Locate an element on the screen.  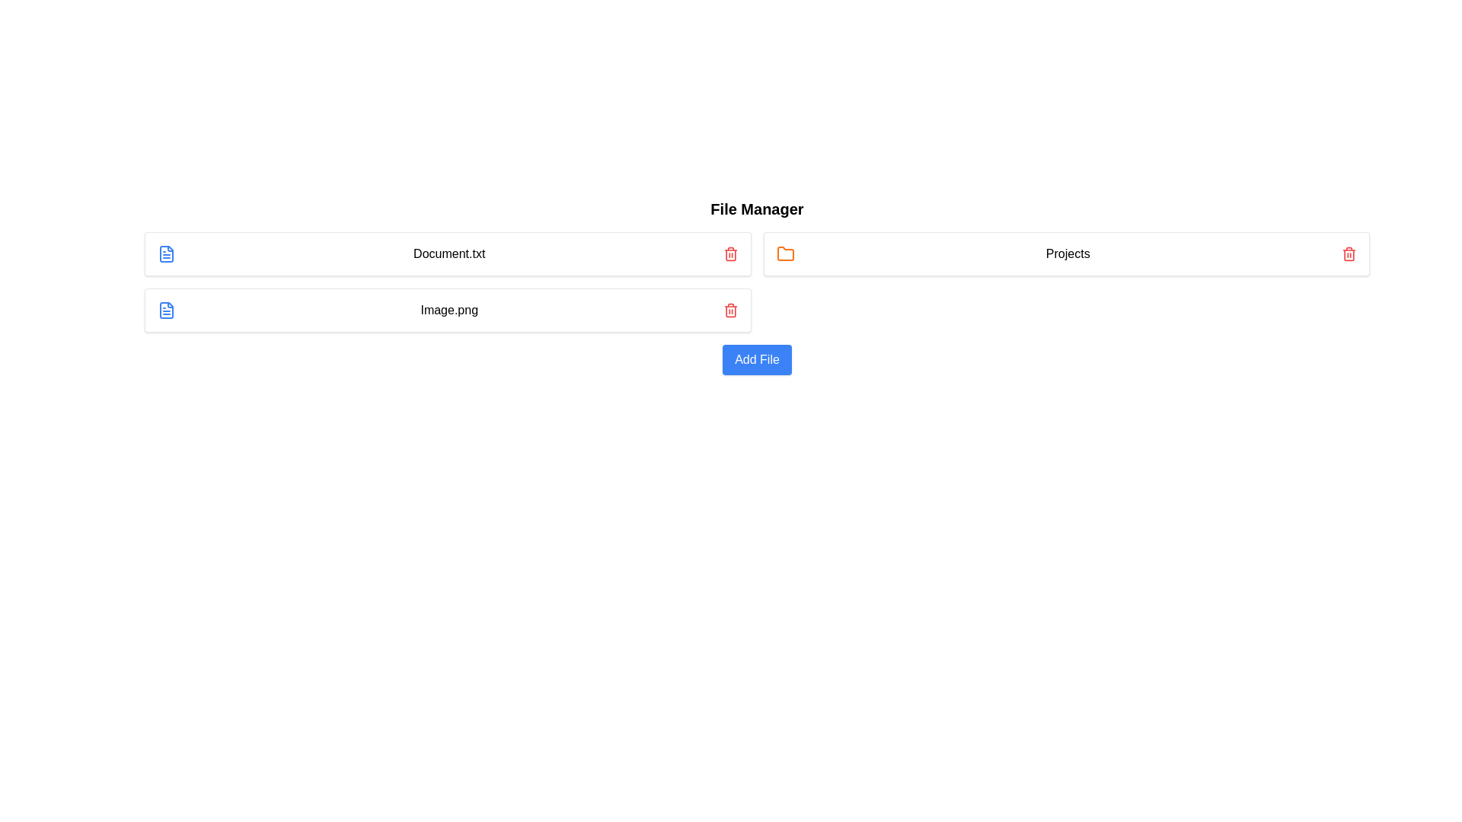
the folder icon in the 'Projects' section, which is the first element on the left in the second row is located at coordinates (785, 253).